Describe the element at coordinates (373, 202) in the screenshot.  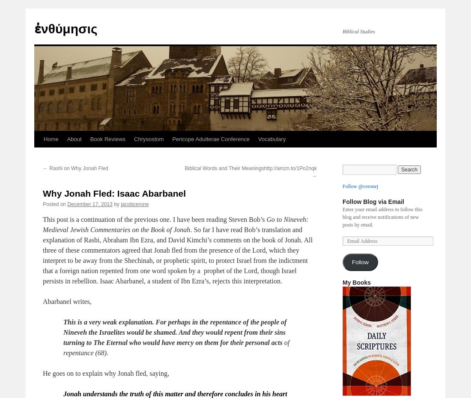
I see `'Follow Blog via Email'` at that location.